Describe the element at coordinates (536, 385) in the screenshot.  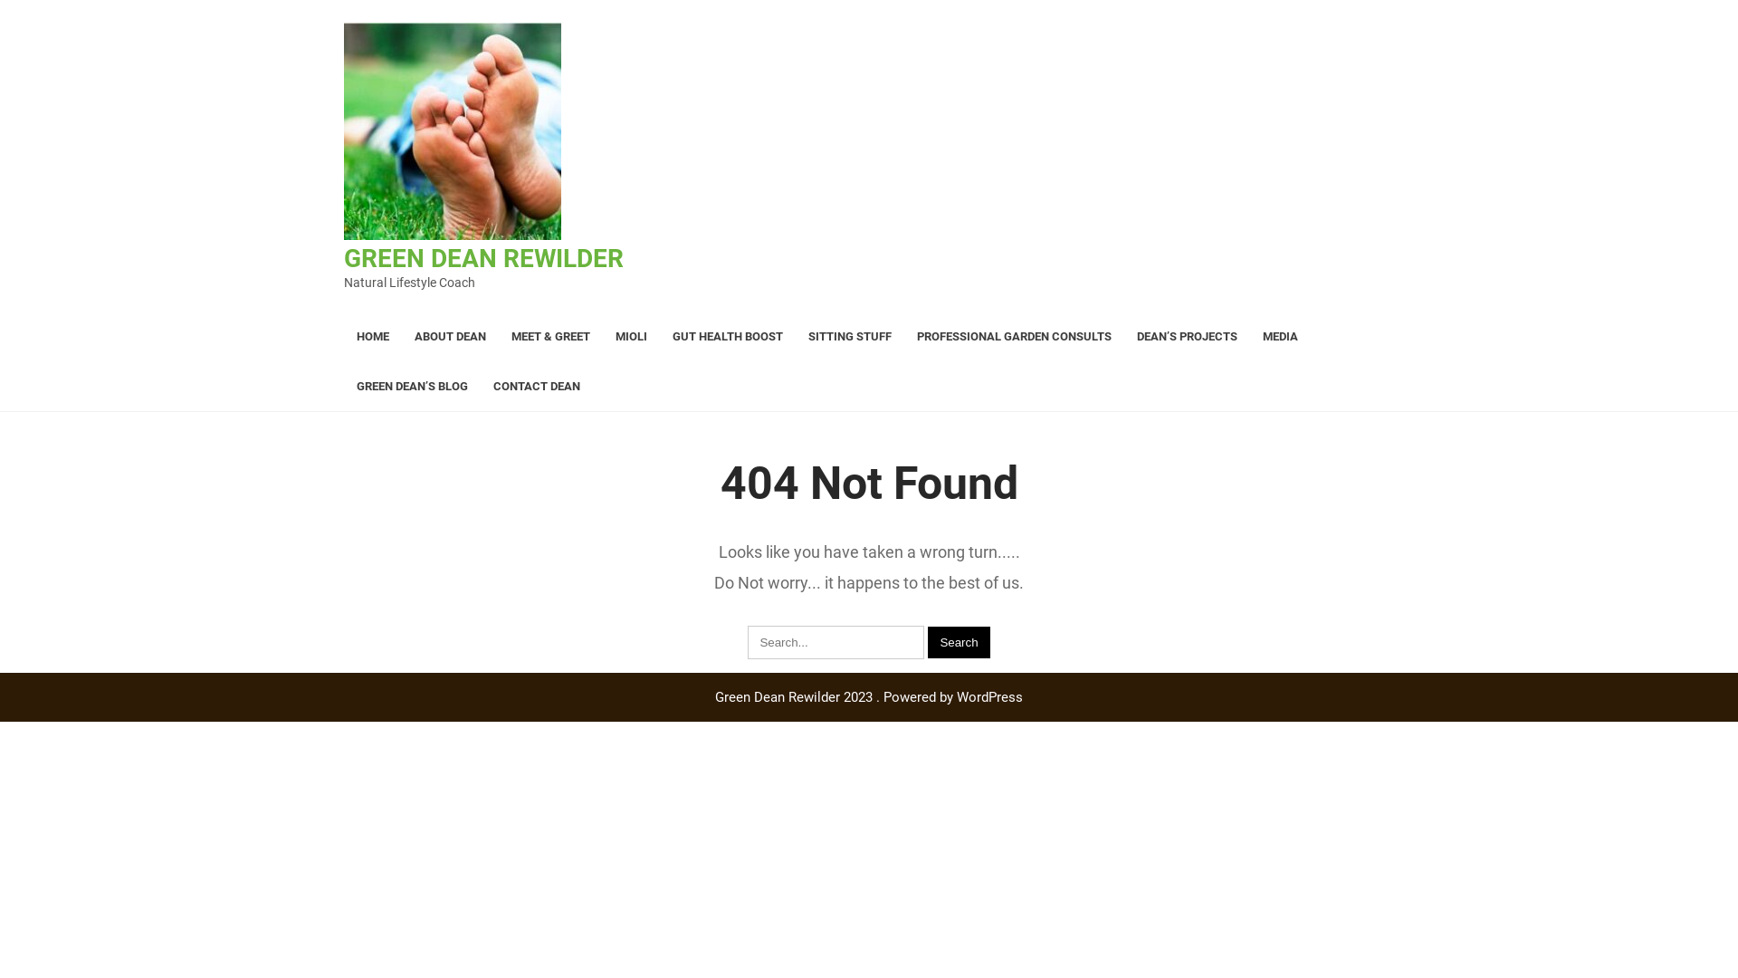
I see `'CONTACT DEAN'` at that location.